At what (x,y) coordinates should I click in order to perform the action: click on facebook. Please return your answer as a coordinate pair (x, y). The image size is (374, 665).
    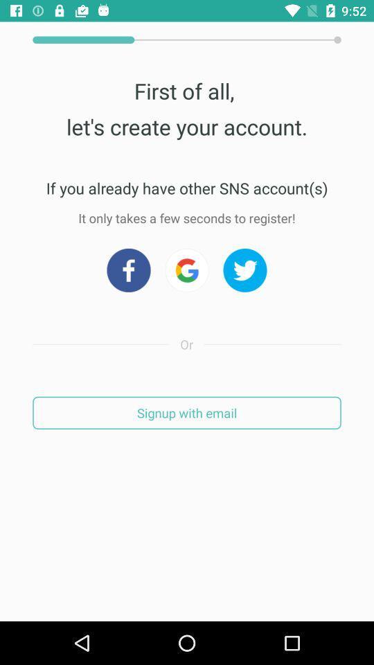
    Looking at the image, I should click on (128, 269).